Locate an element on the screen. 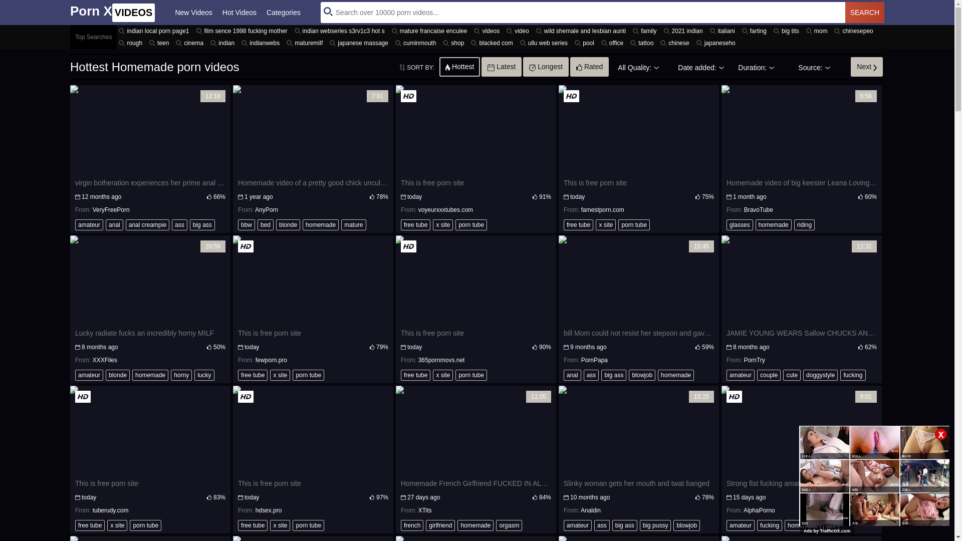 The image size is (962, 541). 'wild shemale and lesbian aunti' is located at coordinates (533, 30).